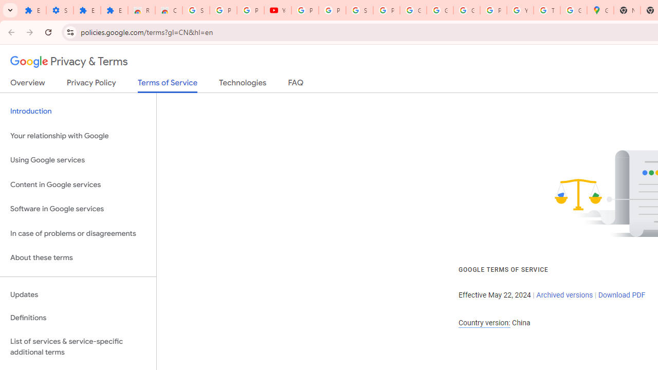  I want to click on 'Software in Google services', so click(78, 209).